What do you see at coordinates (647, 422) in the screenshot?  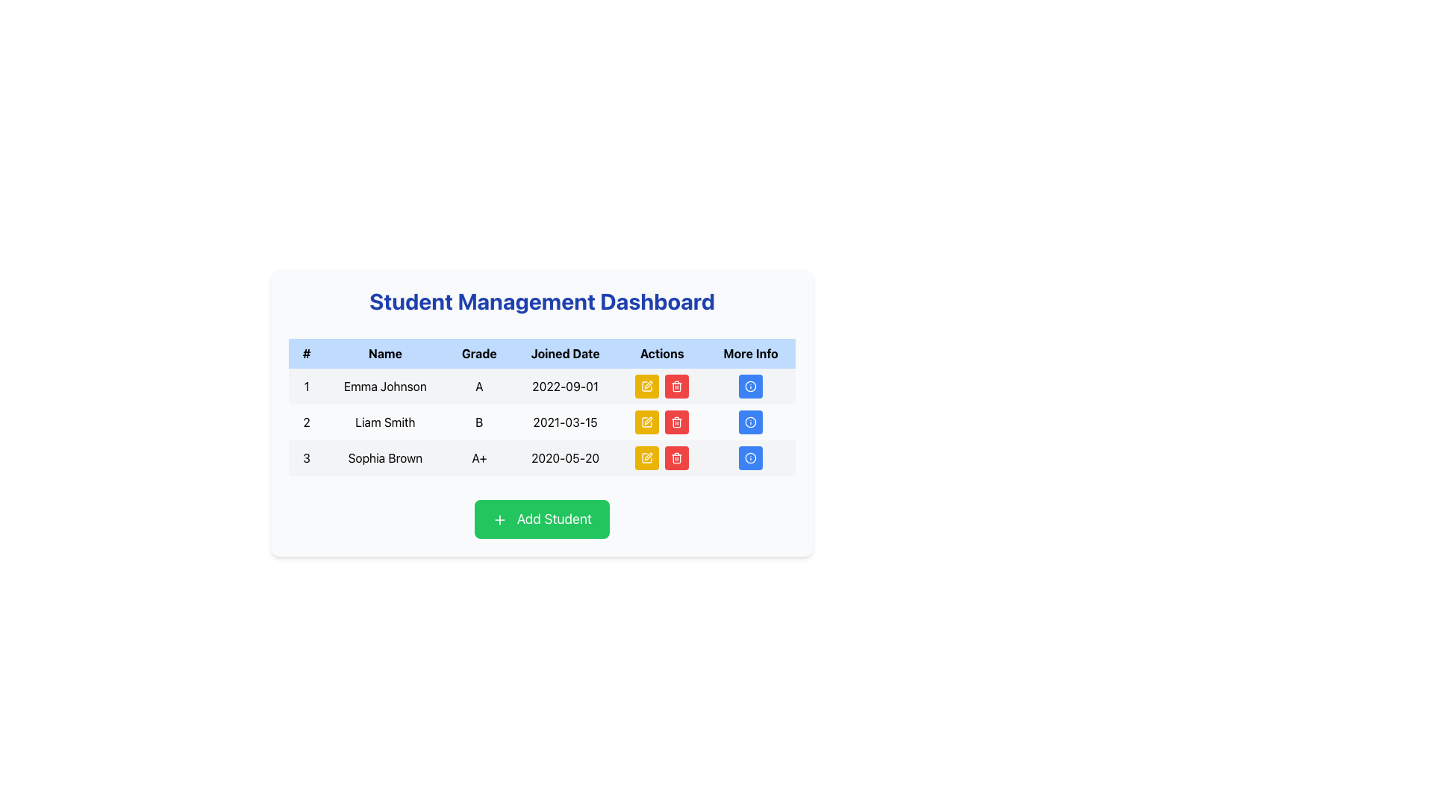 I see `the 'Edit' icon button located in the 'Actions' column of the second row for 'Liam Smith'` at bounding box center [647, 422].